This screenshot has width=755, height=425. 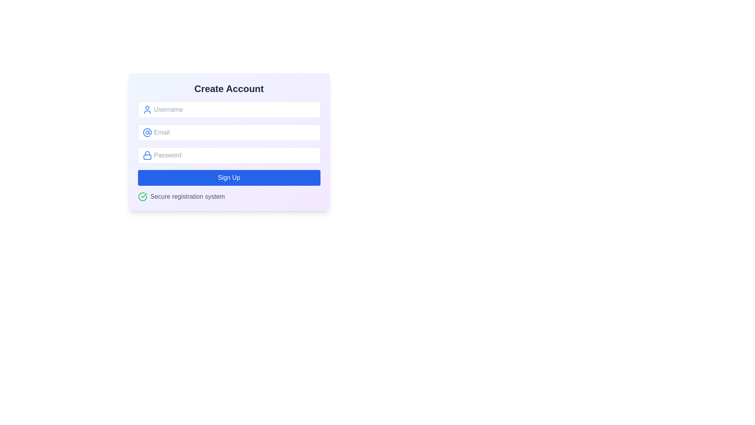 What do you see at coordinates (228, 177) in the screenshot?
I see `the 'Sign Up' button with a vibrant blue background and white text` at bounding box center [228, 177].